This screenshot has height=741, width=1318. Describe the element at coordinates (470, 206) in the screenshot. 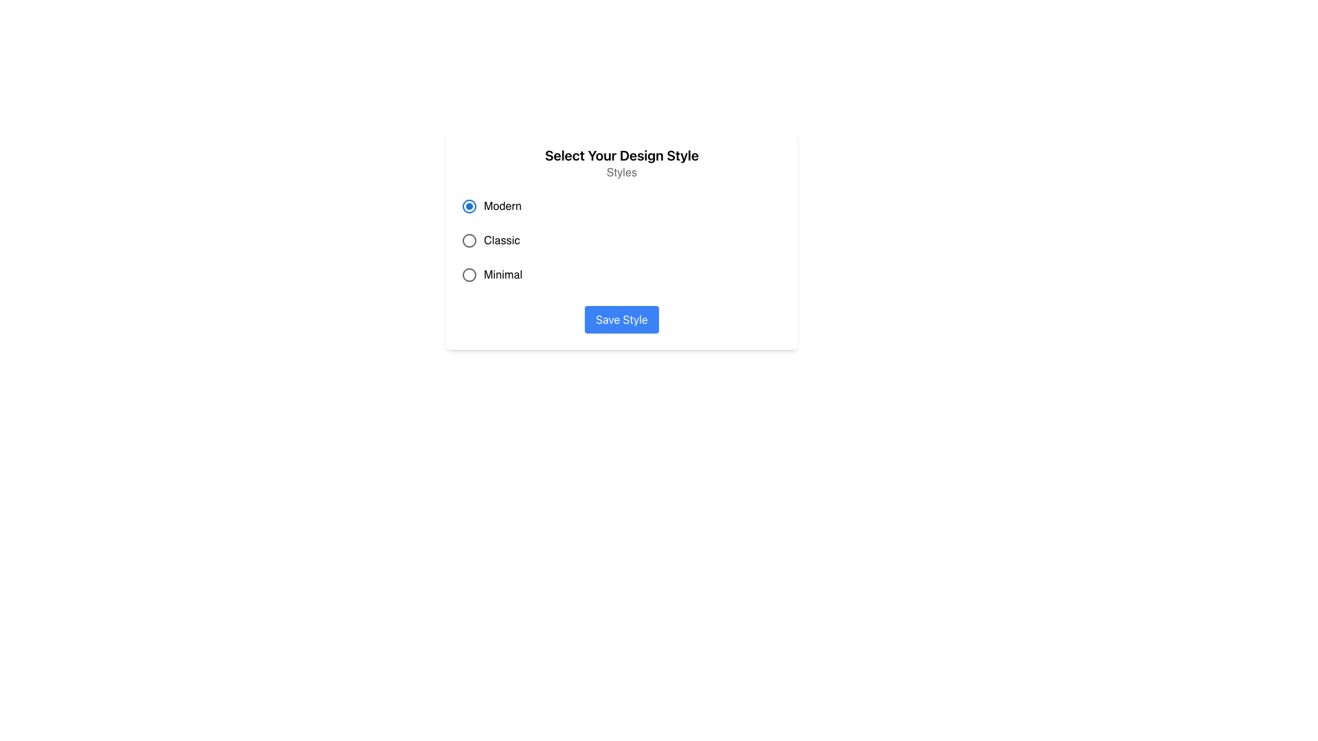

I see `the first radio button labeled 'Modern' under the heading 'Select Your Design Style'` at that location.